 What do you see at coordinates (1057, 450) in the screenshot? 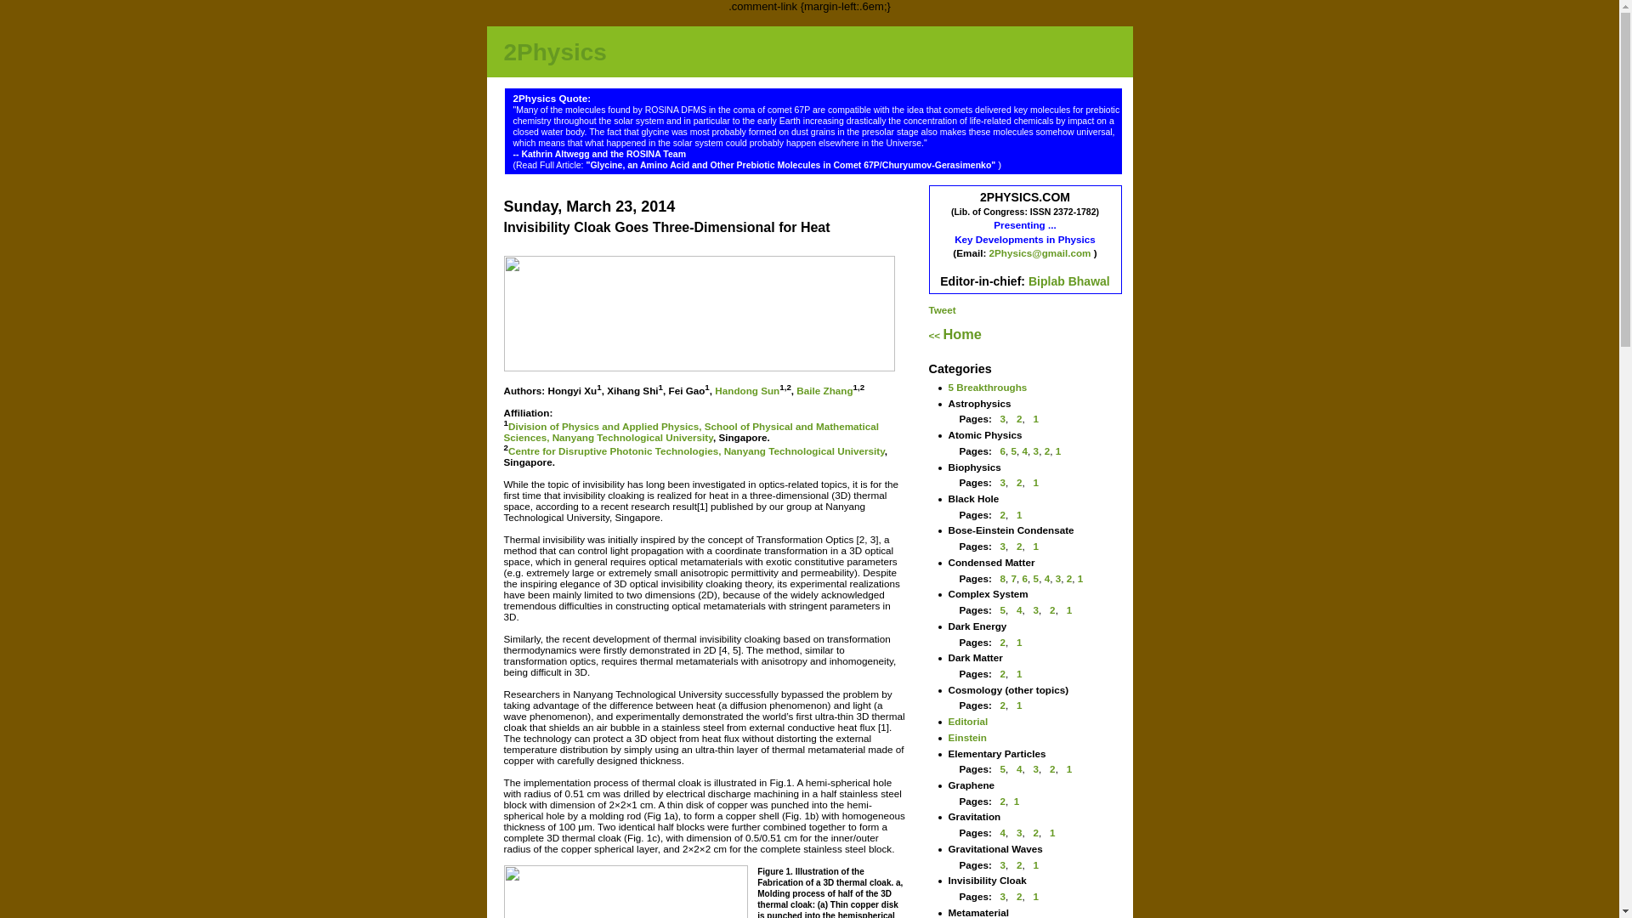
I see `'1'` at bounding box center [1057, 450].